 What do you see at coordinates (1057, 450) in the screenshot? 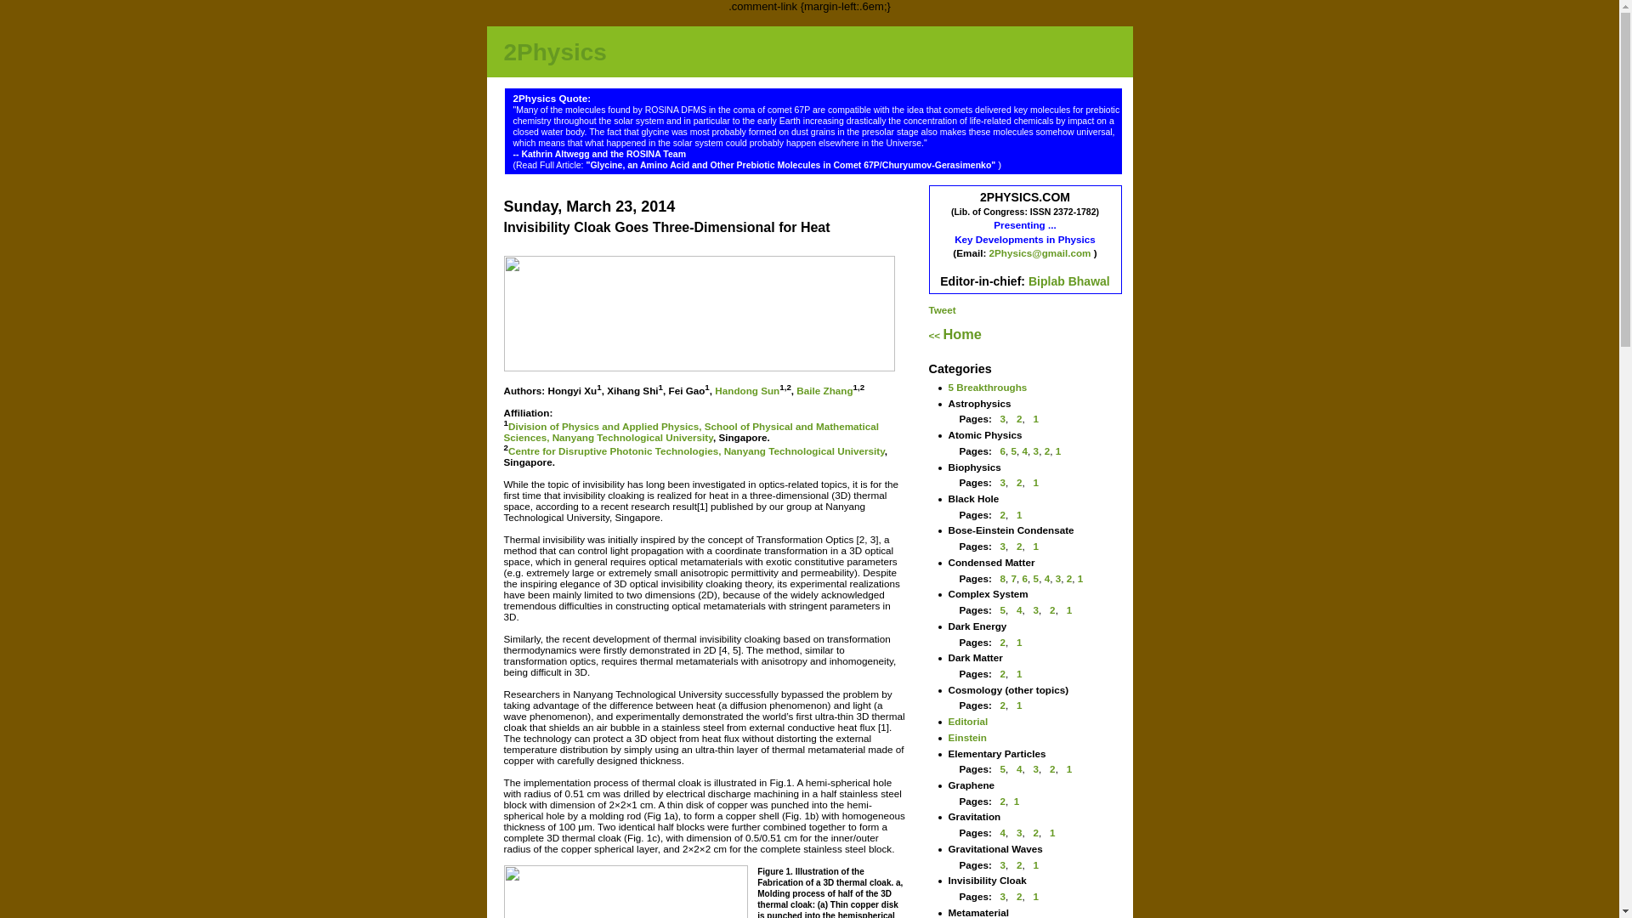
I see `'1'` at bounding box center [1057, 450].